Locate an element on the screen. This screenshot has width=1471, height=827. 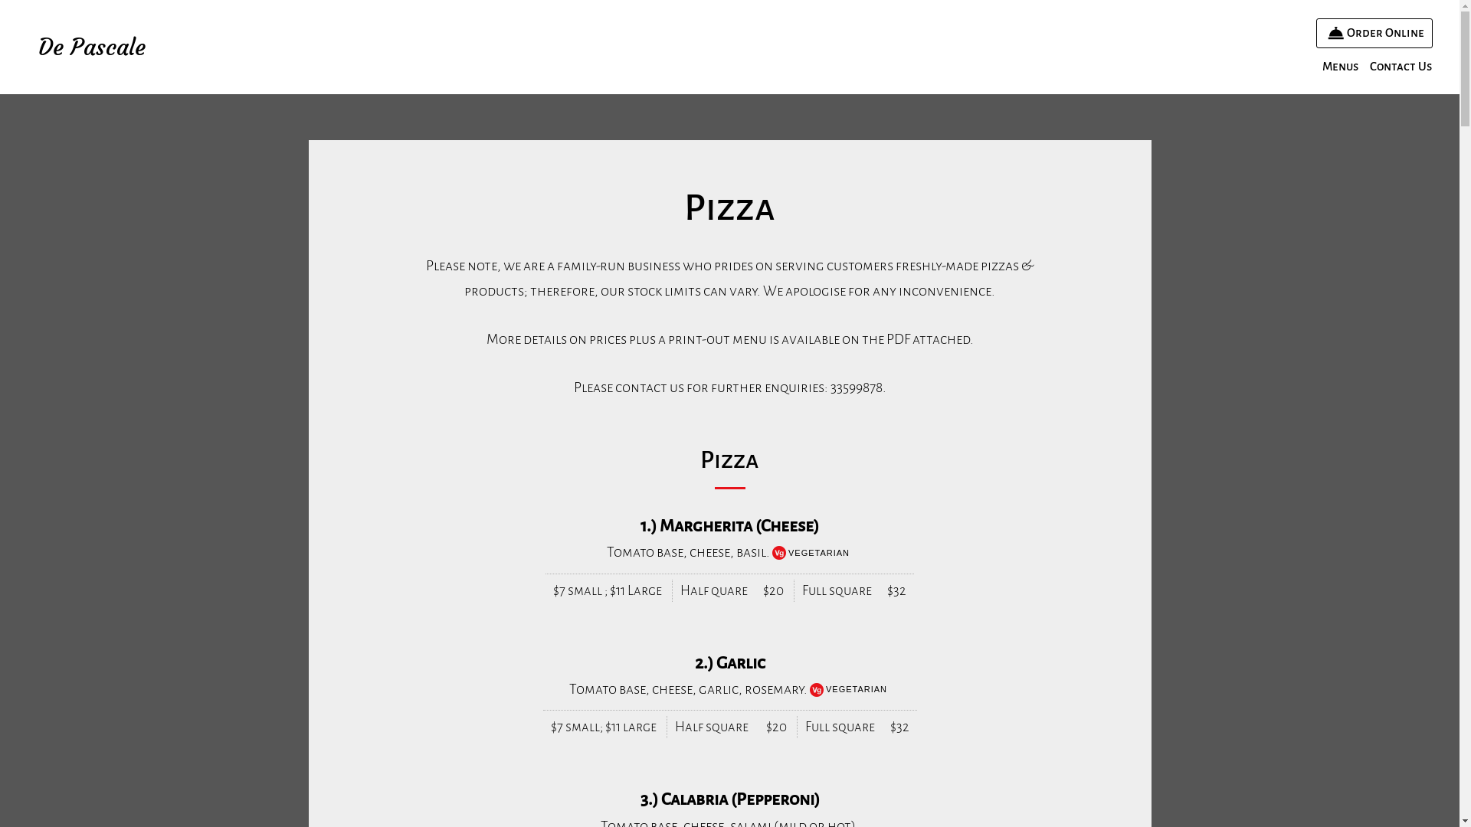
'Contact Us' is located at coordinates (1365, 66).